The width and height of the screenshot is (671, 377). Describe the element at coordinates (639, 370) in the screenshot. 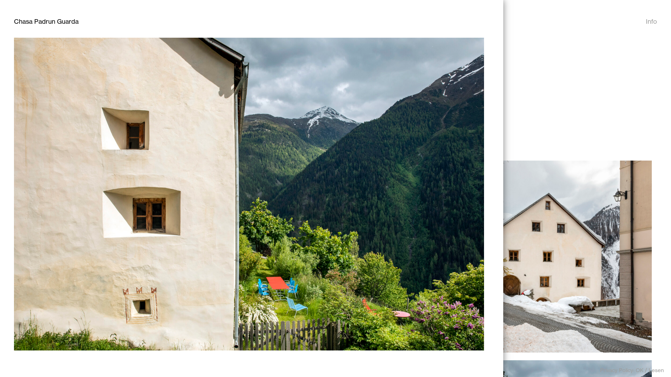

I see `'OK'` at that location.